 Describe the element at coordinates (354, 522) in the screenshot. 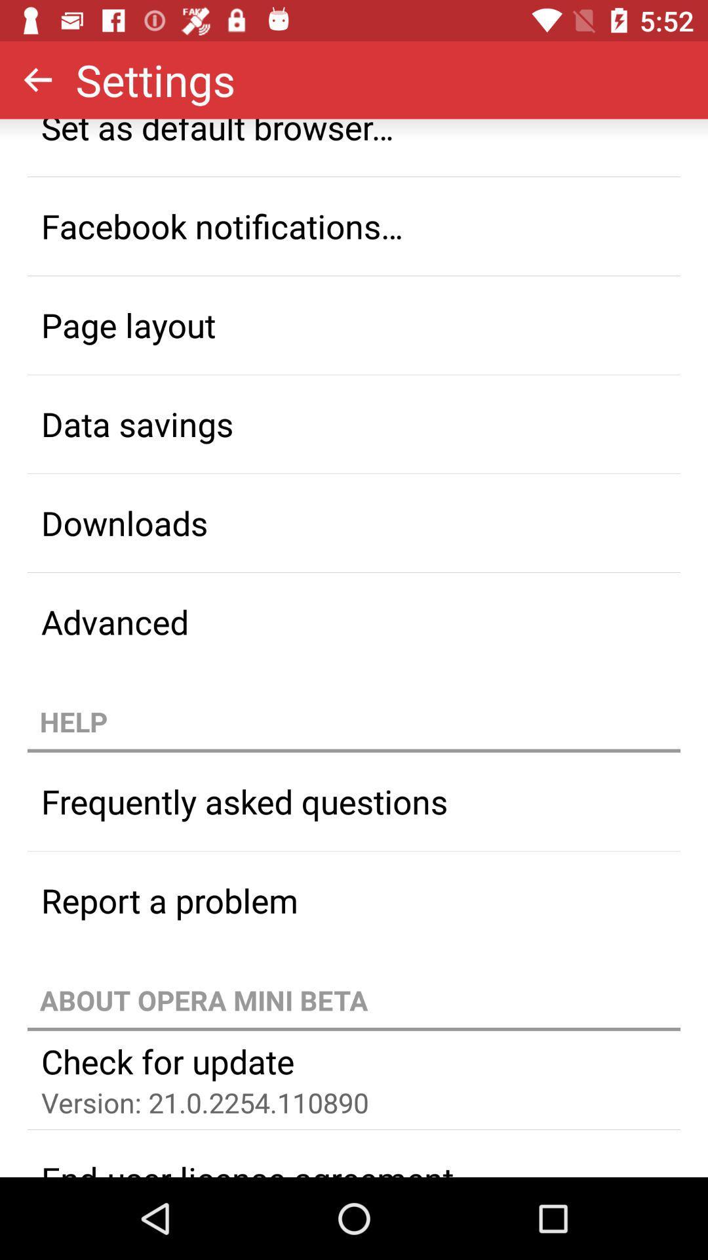

I see `downloads` at that location.